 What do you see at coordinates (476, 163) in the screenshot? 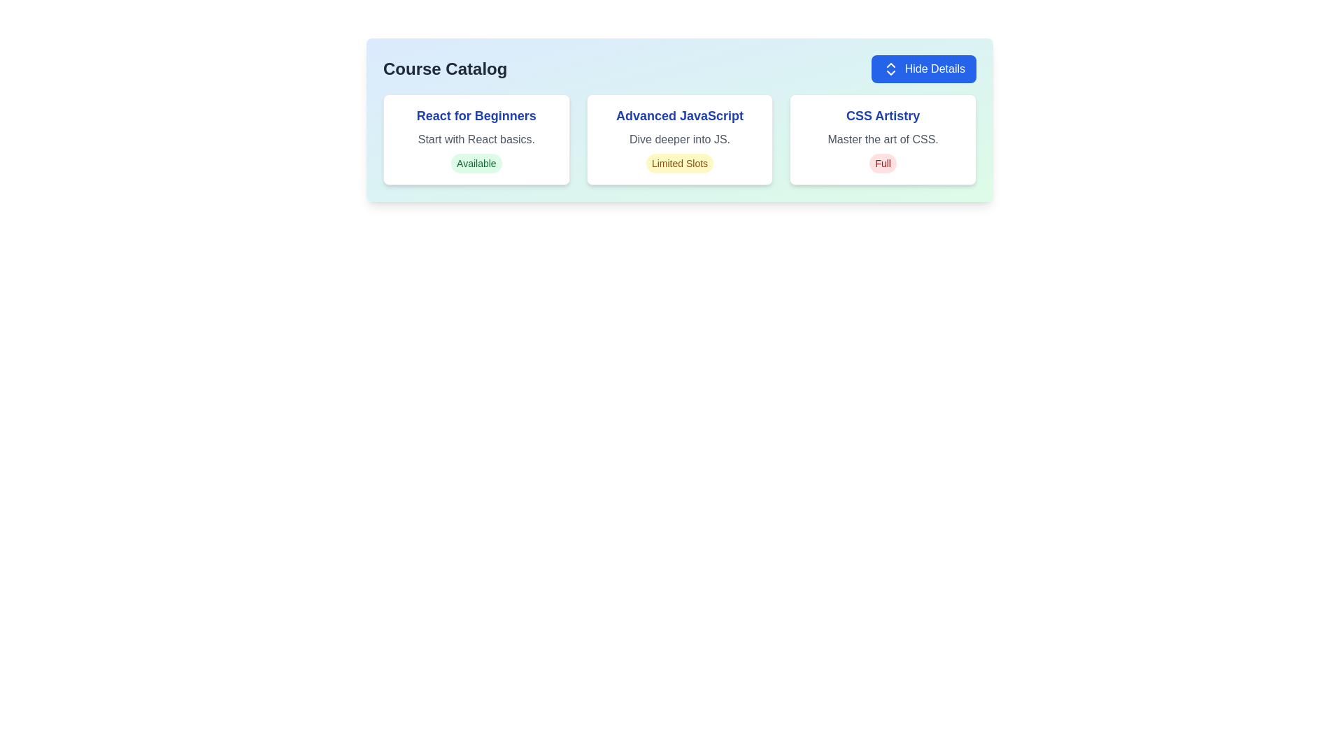
I see `the status label indicating availability for the course 'React for Beginners', which is located below the text 'Start with React basics.' in the Course Catalog section` at bounding box center [476, 163].